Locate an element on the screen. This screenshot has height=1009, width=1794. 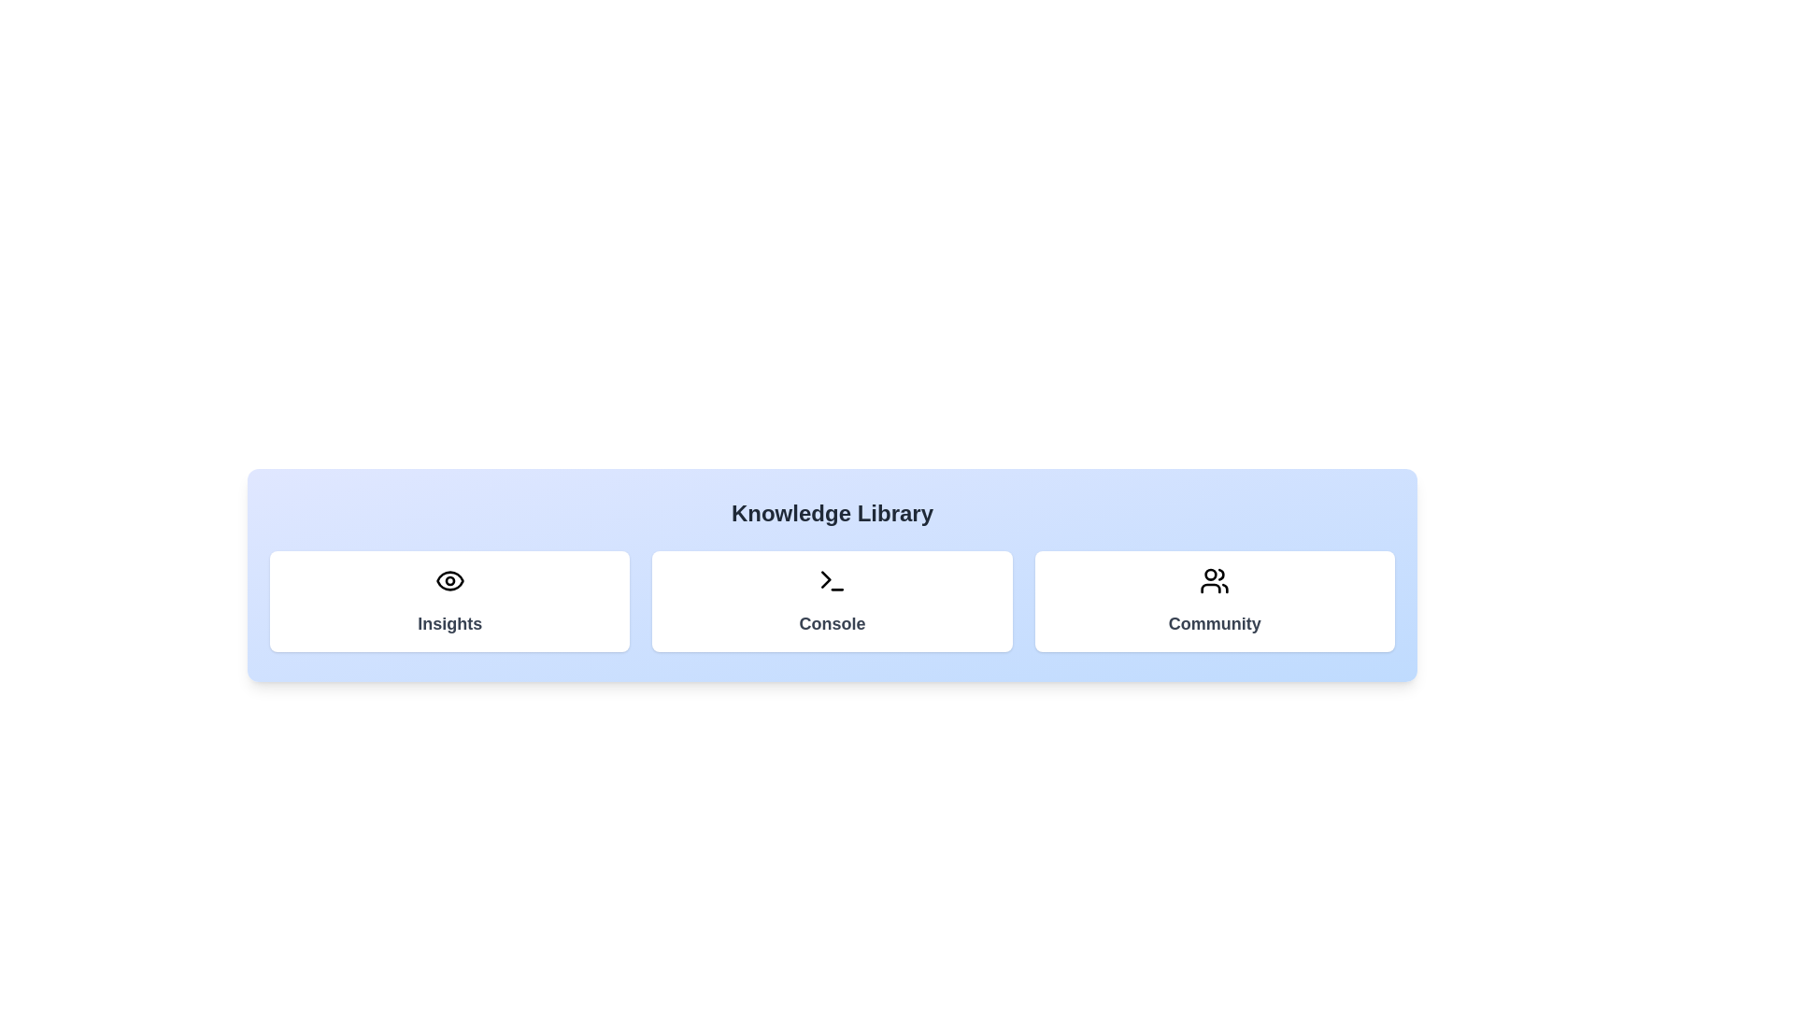
the small circular SVG element that represents a user or community within the 'Community' button is located at coordinates (1211, 574).